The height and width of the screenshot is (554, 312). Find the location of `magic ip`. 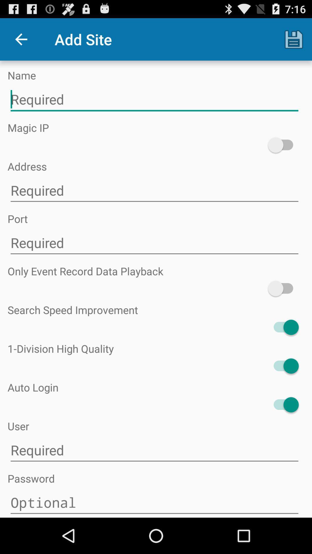

magic ip is located at coordinates (283, 145).